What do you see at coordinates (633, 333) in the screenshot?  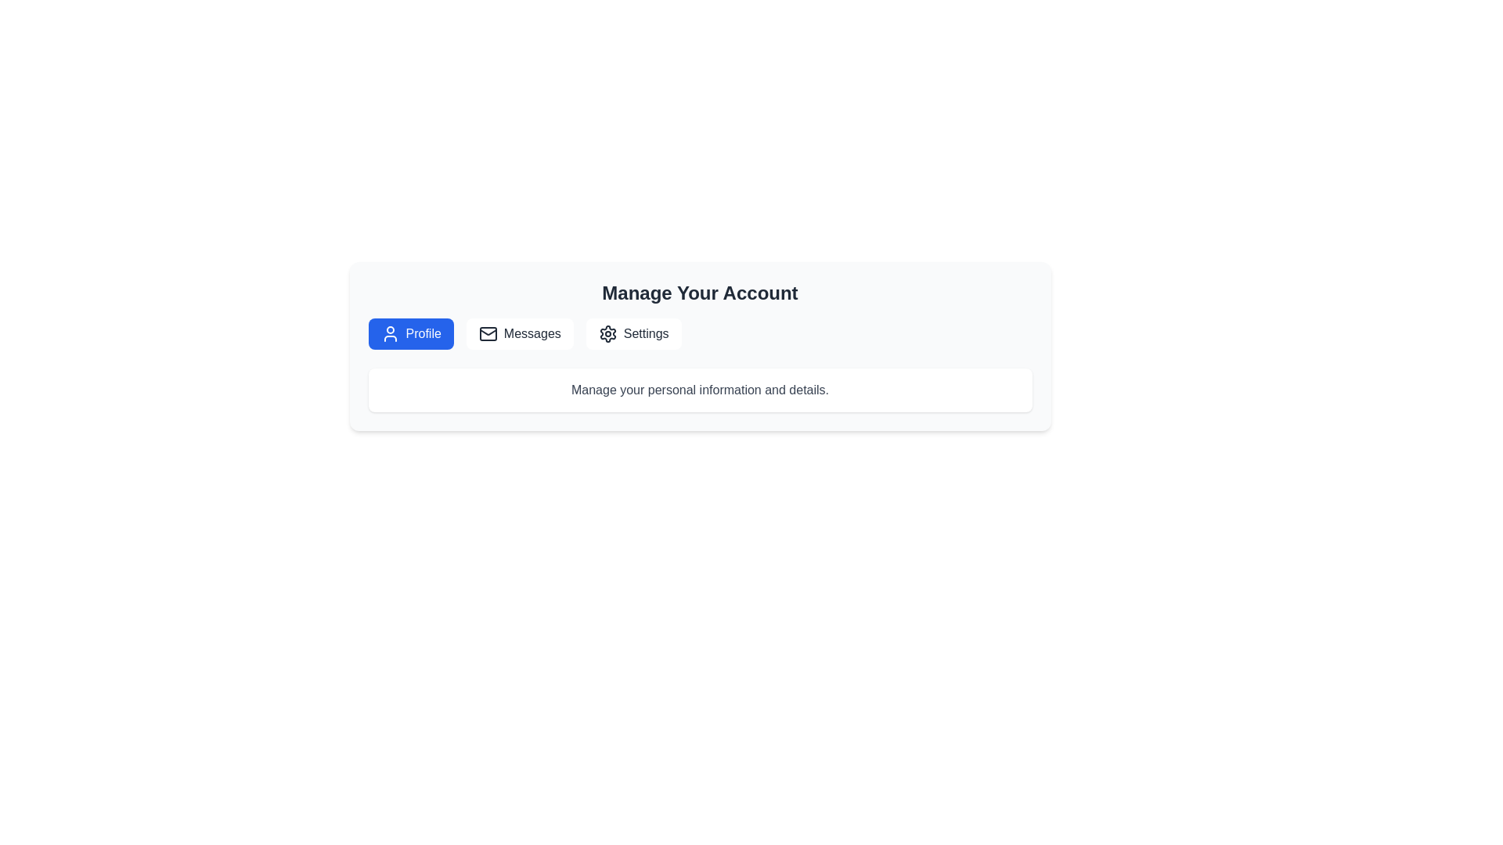 I see `the 'Settings' button located in the navigation bar, which is the third button from the left` at bounding box center [633, 333].